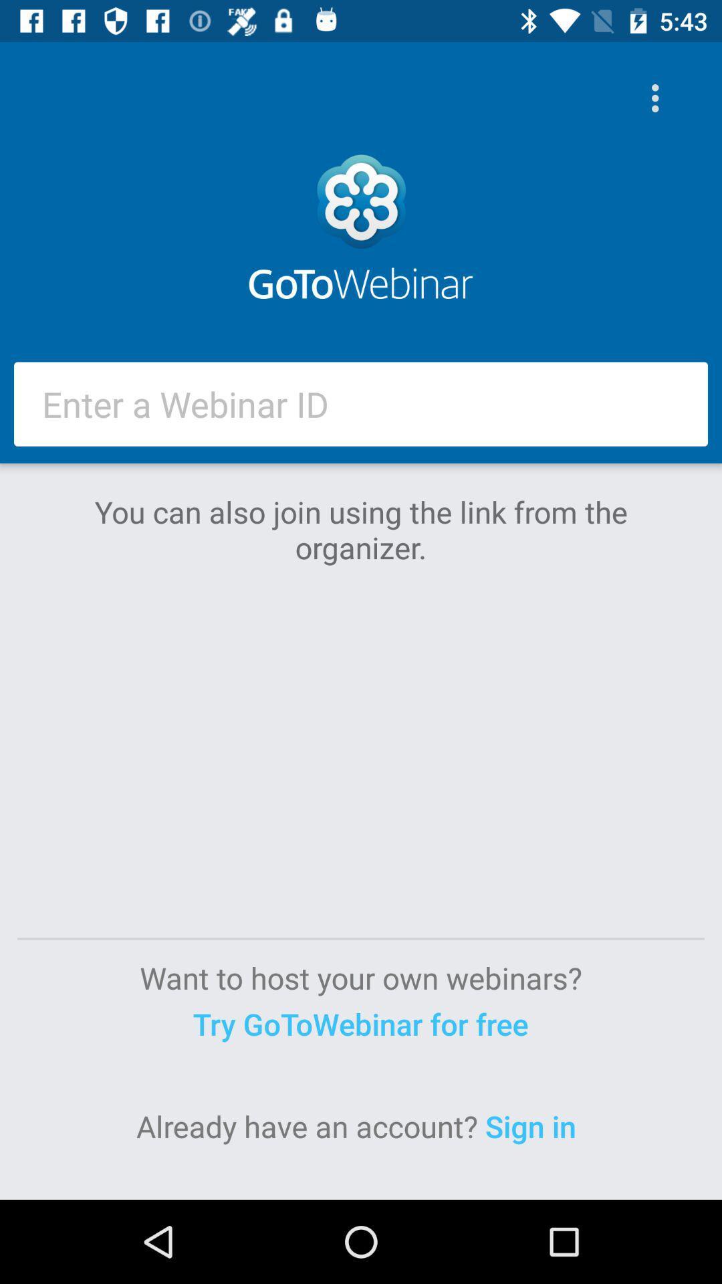  I want to click on item above you can also icon, so click(361, 403).